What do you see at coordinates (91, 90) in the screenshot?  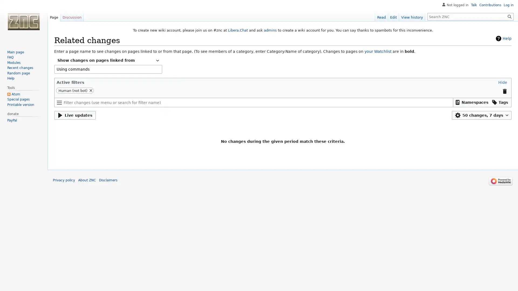 I see `Remove 'Human (not bot)'` at bounding box center [91, 90].